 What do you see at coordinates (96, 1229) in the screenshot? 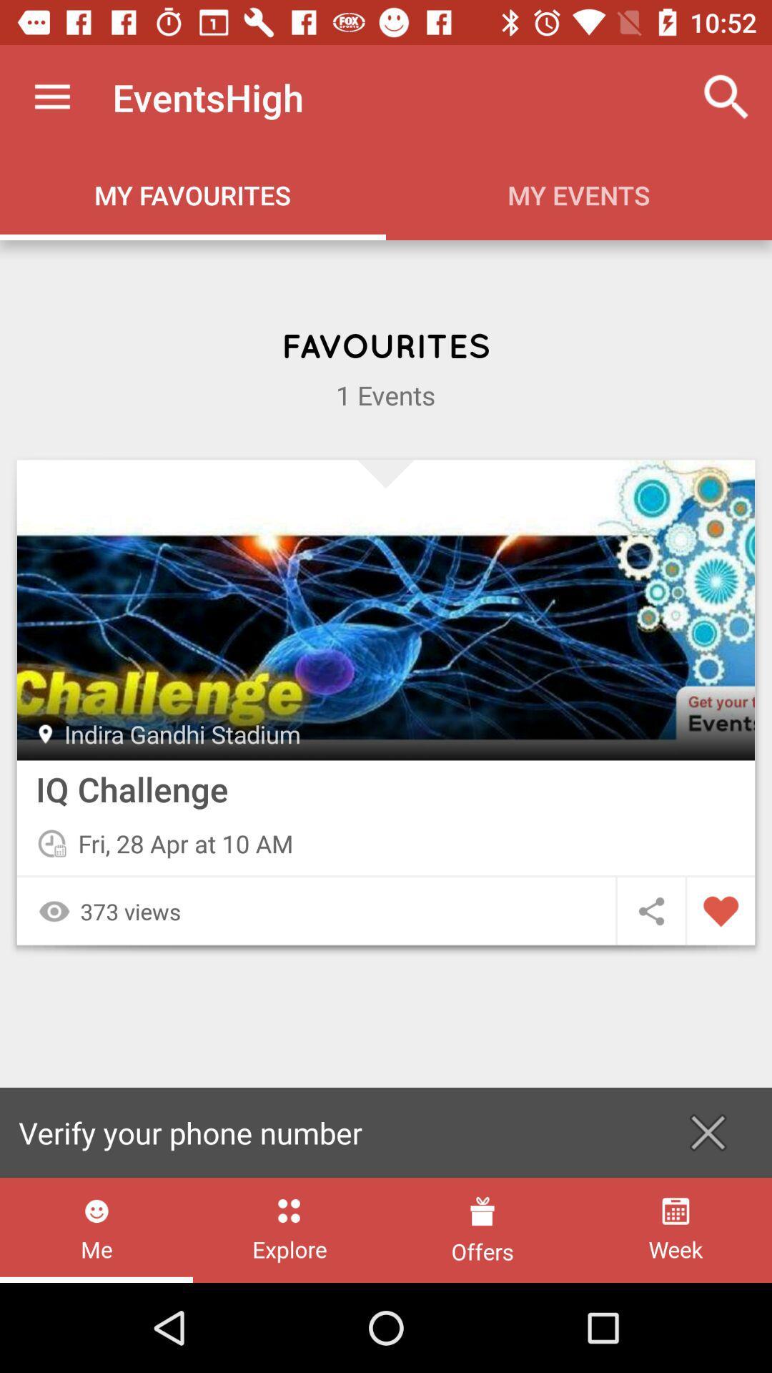
I see `me item` at bounding box center [96, 1229].